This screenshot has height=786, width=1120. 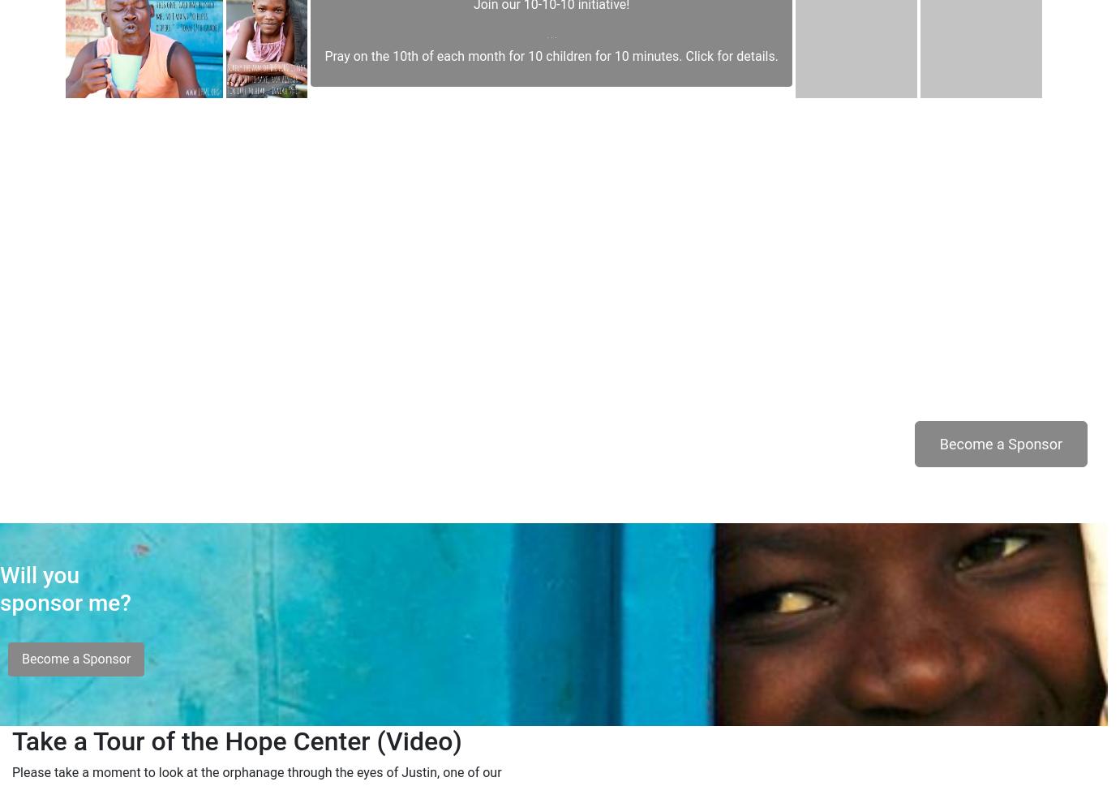 I want to click on 'Many orphans are currently waiting for a sponsor.', so click(x=945, y=356).